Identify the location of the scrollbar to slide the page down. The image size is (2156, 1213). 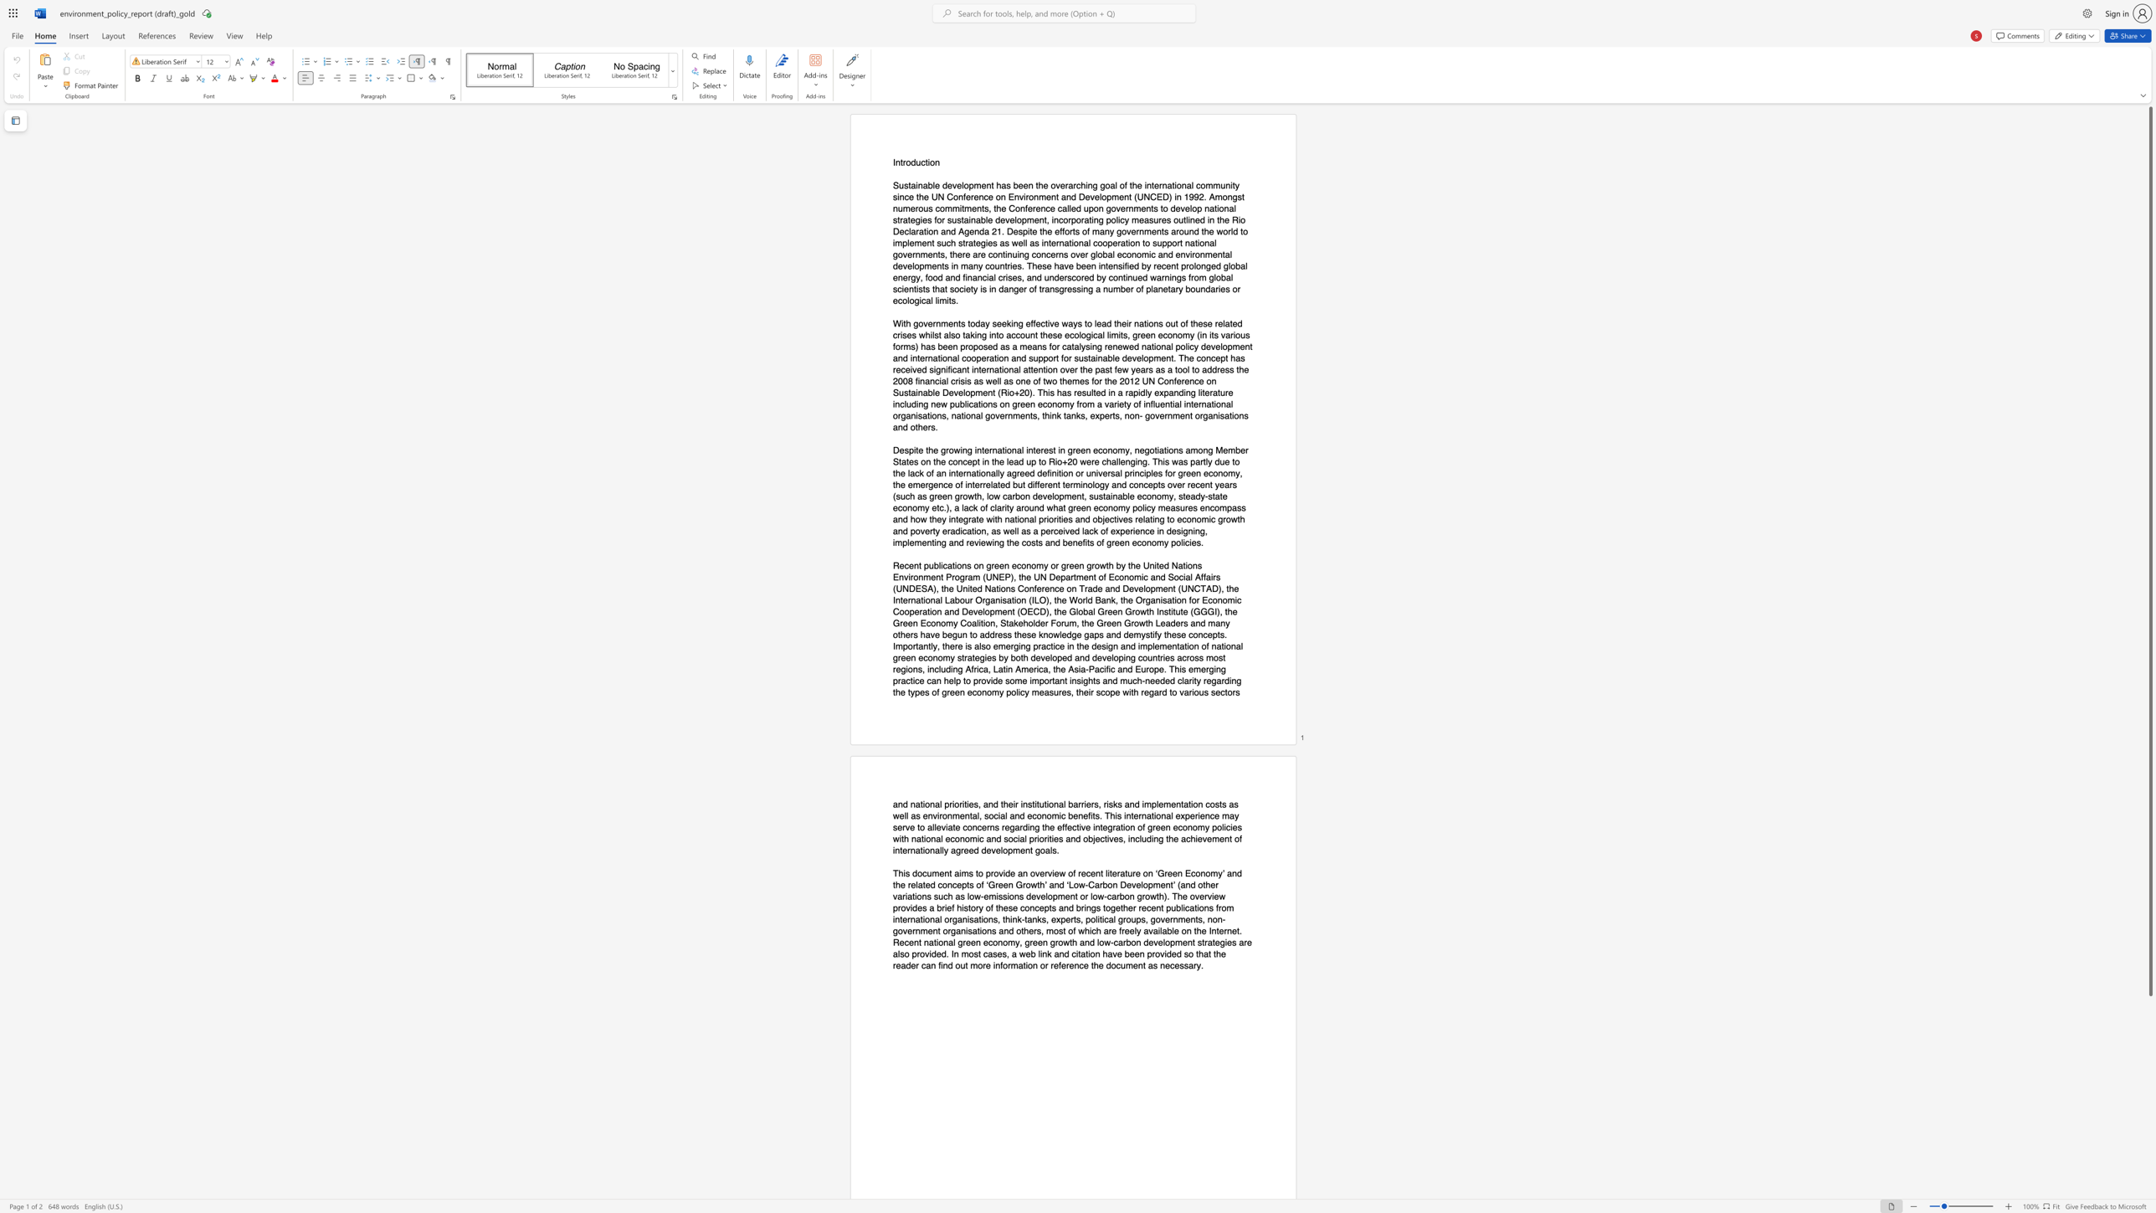
(2149, 1026).